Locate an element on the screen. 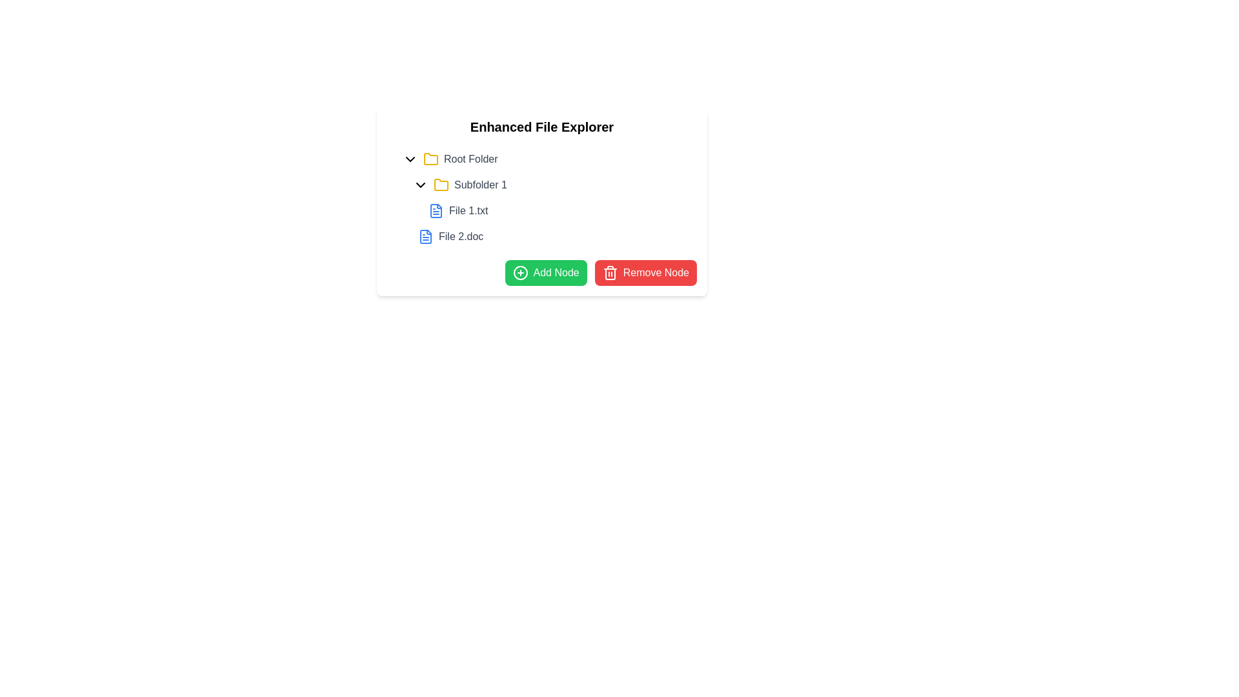 The image size is (1239, 697). the text label reading 'Subfolder 1', which is styled in gray and adjacent to a yellow folder icon in a file explorer interface is located at coordinates (479, 185).